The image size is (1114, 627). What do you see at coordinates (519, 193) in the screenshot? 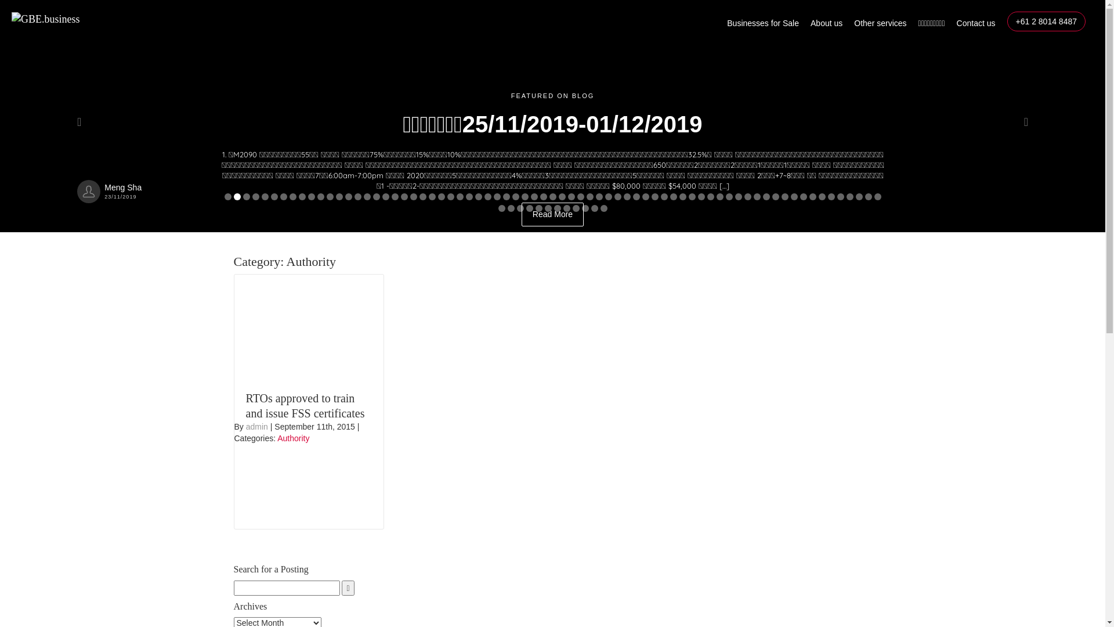
I see `'Read More'` at bounding box center [519, 193].